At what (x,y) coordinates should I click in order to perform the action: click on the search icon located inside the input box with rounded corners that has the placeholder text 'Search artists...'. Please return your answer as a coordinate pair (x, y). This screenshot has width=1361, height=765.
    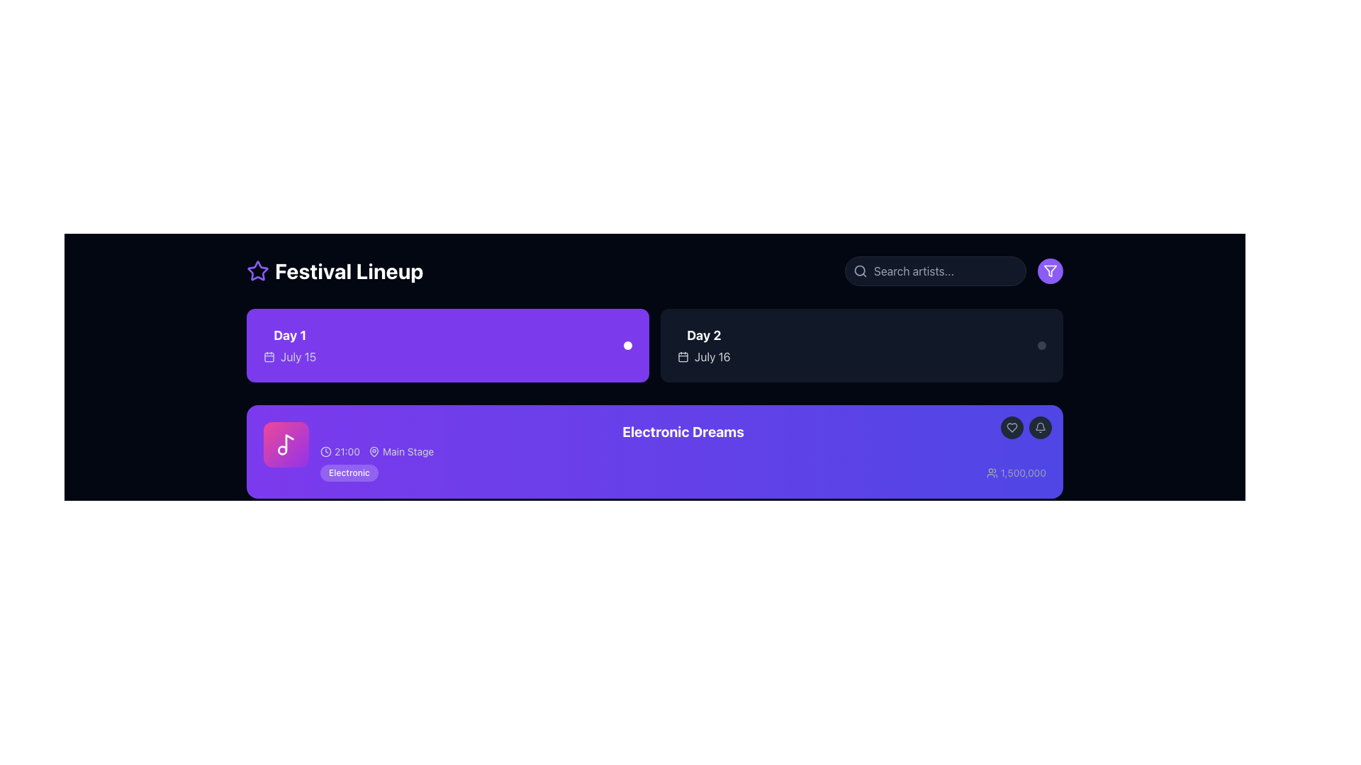
    Looking at the image, I should click on (860, 271).